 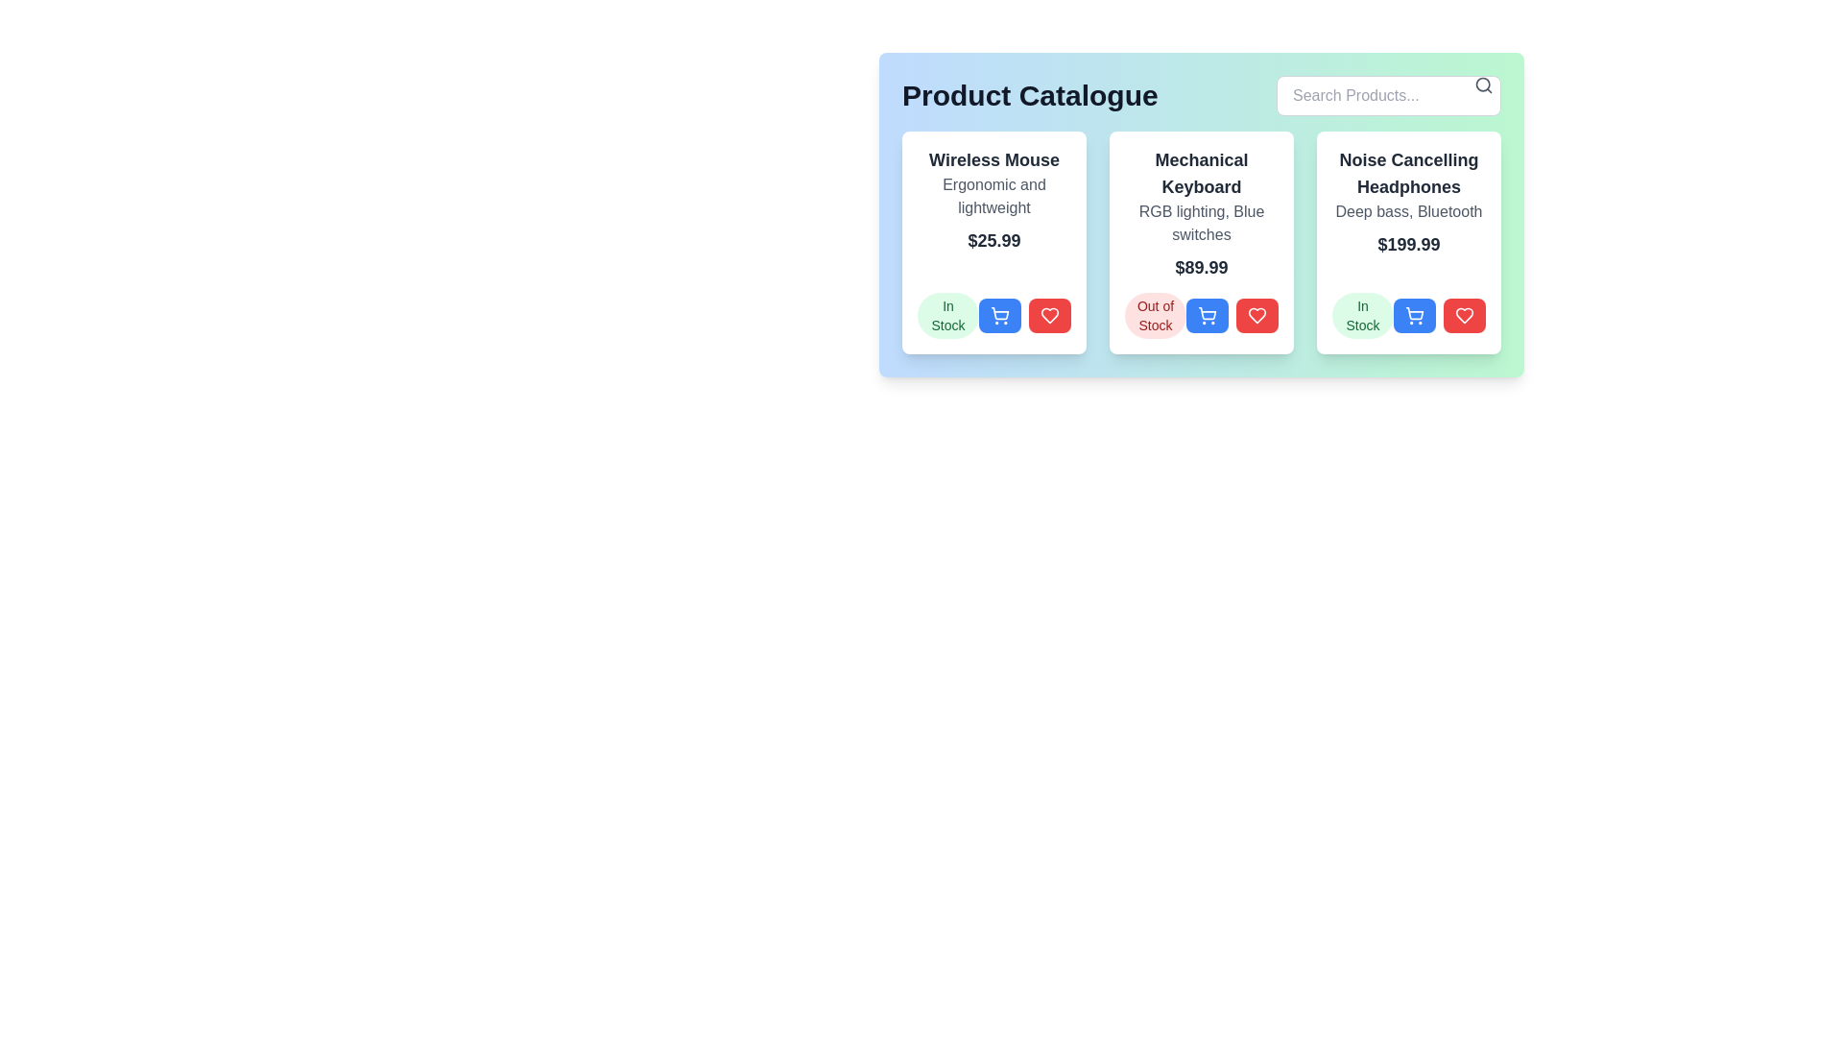 I want to click on the status indicator label that shows the product is available for purchase, located at the top-left corner of the action buttons section on the leftmost product card, so click(x=948, y=314).